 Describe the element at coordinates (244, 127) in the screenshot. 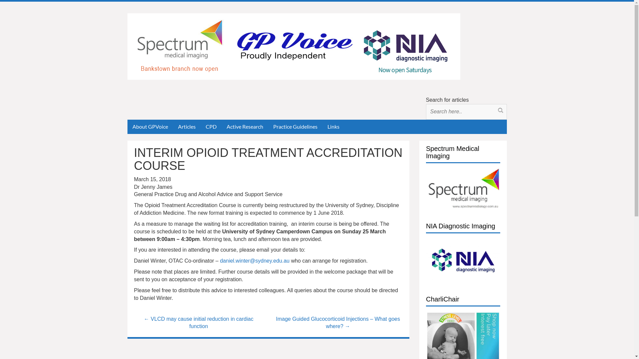

I see `'Active Research'` at that location.